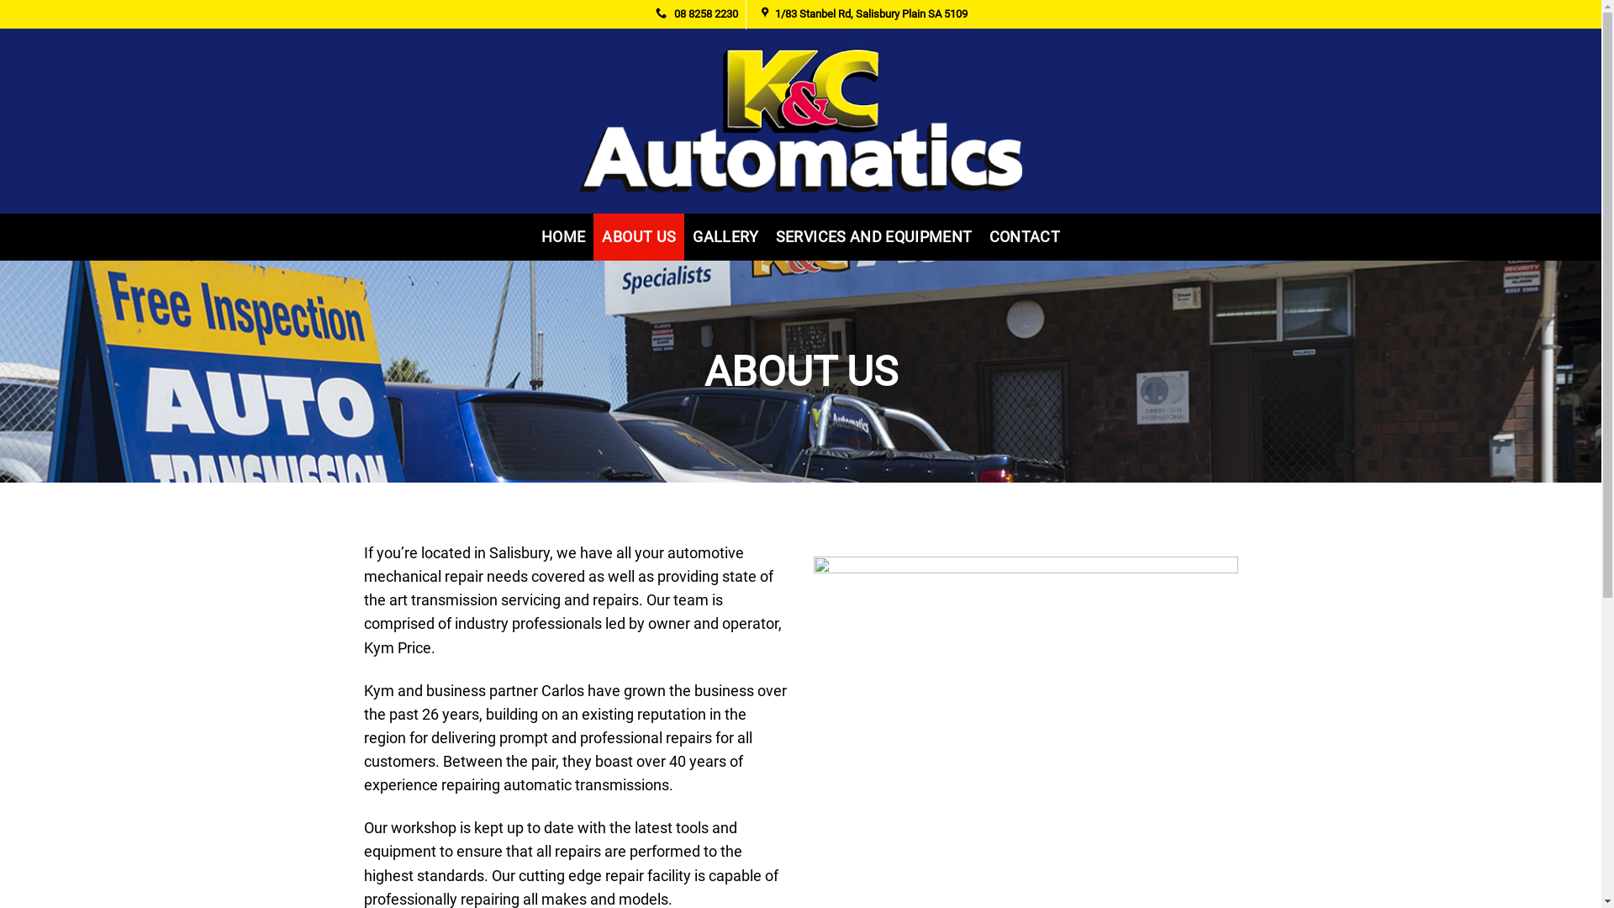 The height and width of the screenshot is (908, 1614). Describe the element at coordinates (773, 13) in the screenshot. I see `'1/83 Stanbel Rd, Salisbury Plain SA 5109'` at that location.